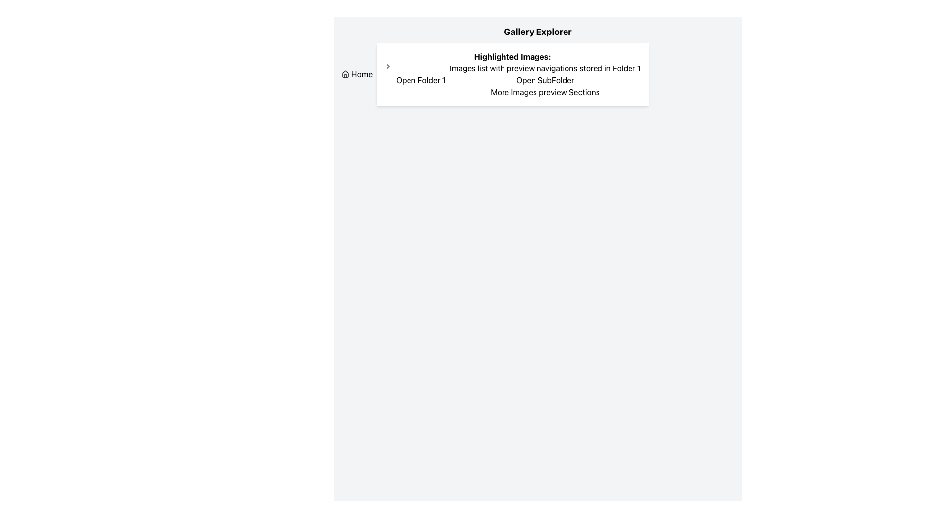 This screenshot has width=945, height=532. What do you see at coordinates (512, 73) in the screenshot?
I see `the section with interactive and descriptive content located below the 'Home' navigation element` at bounding box center [512, 73].